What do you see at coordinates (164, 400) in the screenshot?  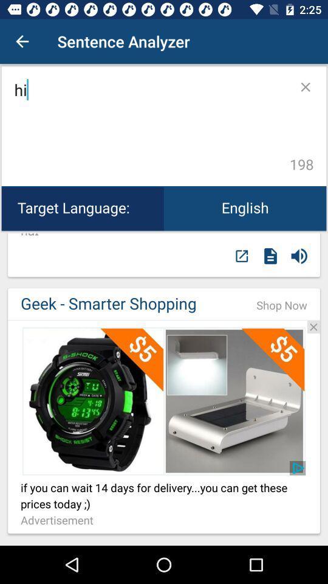 I see `open link` at bounding box center [164, 400].